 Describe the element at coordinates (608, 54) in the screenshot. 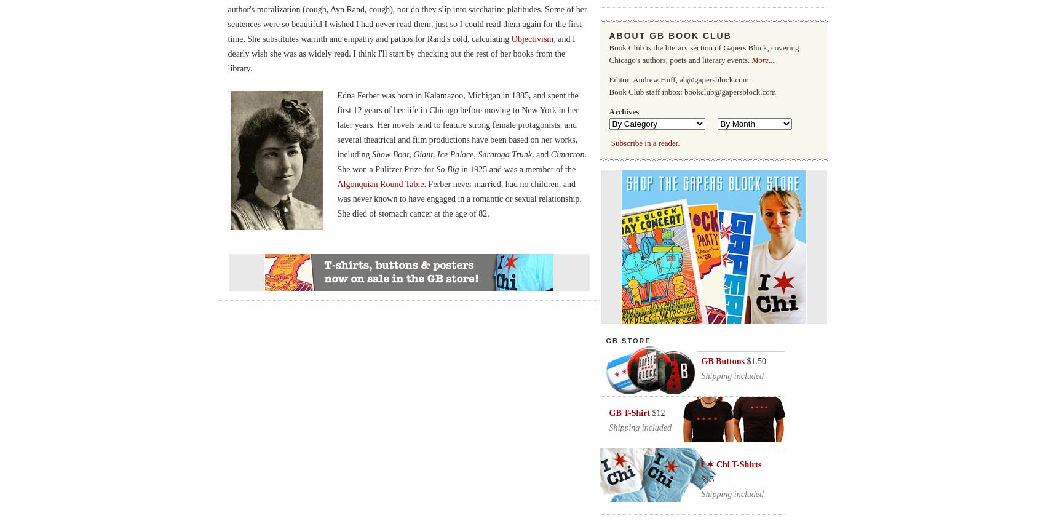

I see `'Book Club is the literary section of Gapers Block, covering Chicago's authors, poets and literary events.'` at that location.